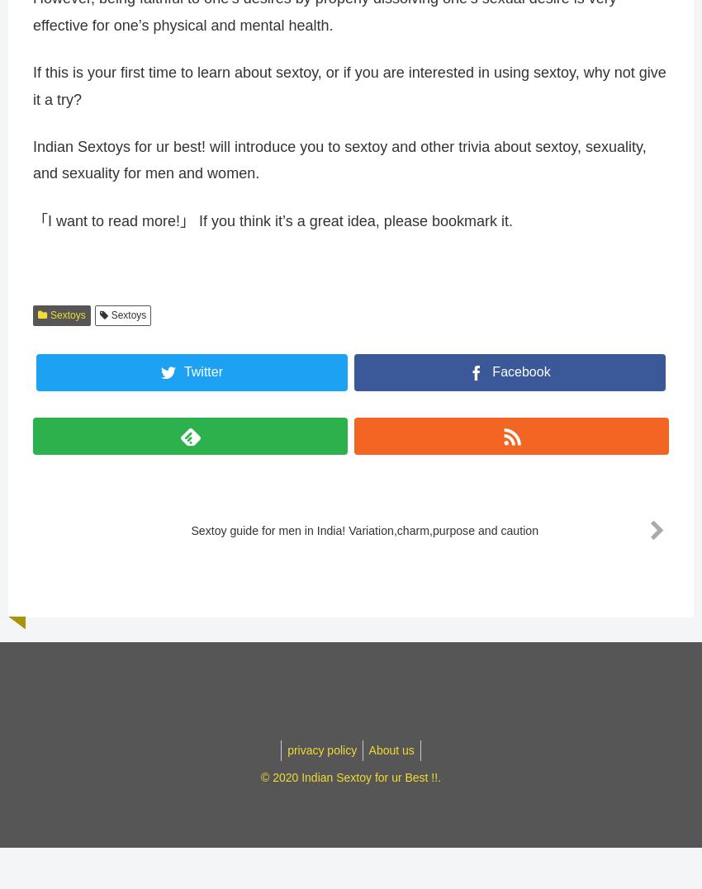  What do you see at coordinates (339, 167) in the screenshot?
I see `'Indian Sextoys for ur best! will introduce you to sextoy and other trivia about sextoy, sexuality, and sexuality for men and women.'` at bounding box center [339, 167].